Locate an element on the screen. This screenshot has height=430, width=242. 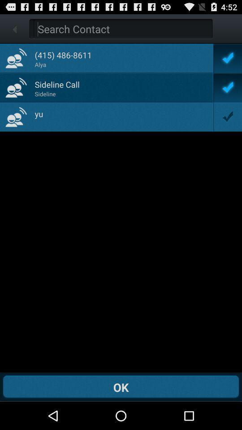
the arrow_backward icon is located at coordinates (14, 30).